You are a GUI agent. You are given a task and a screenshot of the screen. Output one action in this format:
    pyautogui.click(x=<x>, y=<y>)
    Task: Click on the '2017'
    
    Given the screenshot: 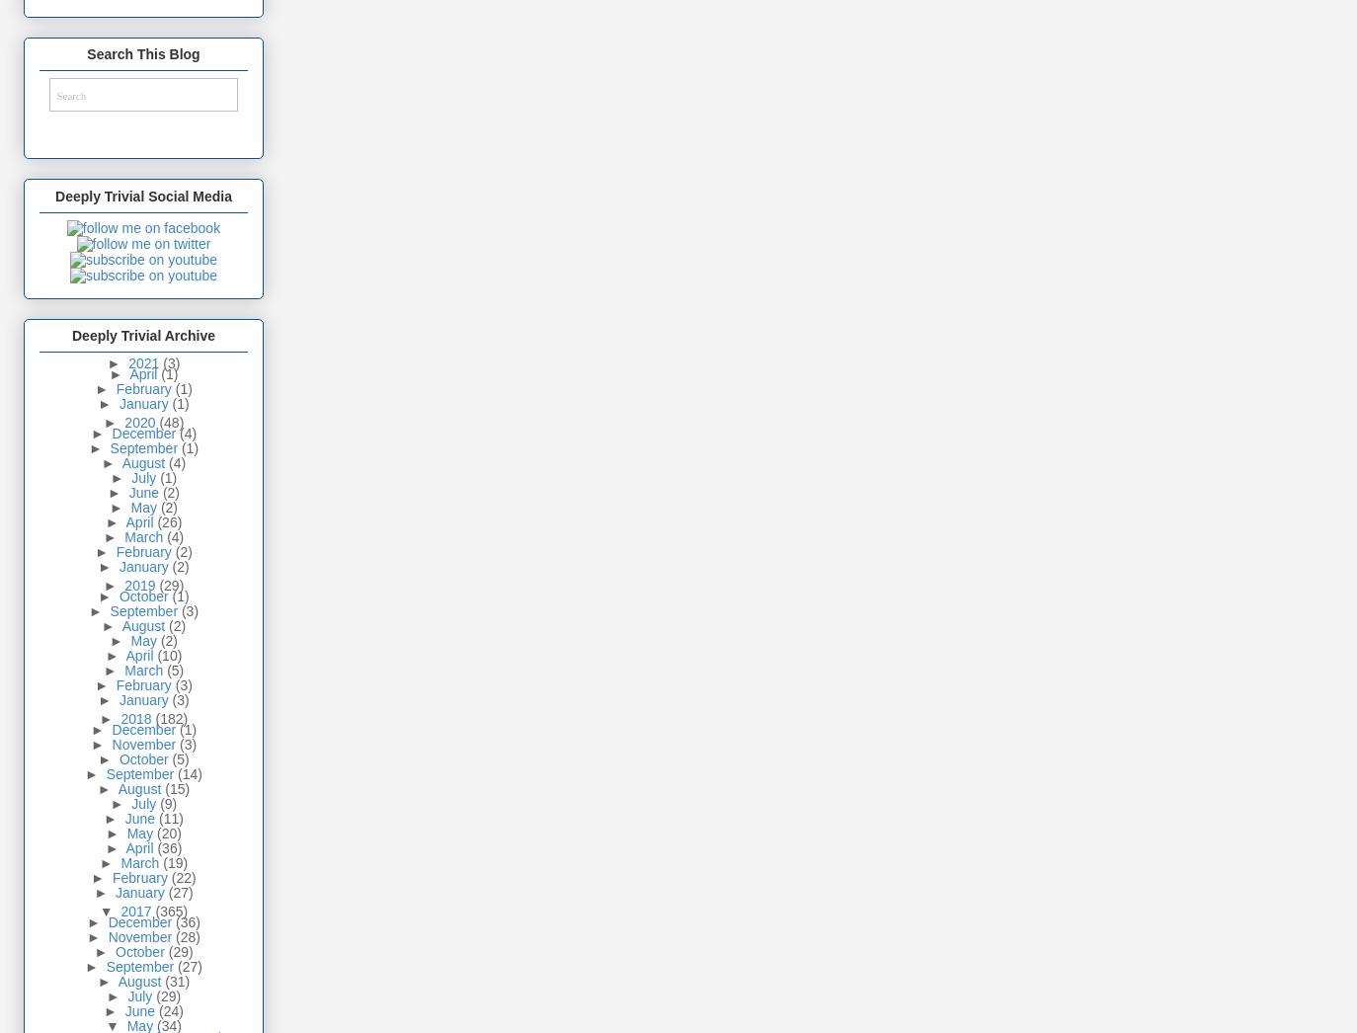 What is the action you would take?
    pyautogui.click(x=136, y=911)
    